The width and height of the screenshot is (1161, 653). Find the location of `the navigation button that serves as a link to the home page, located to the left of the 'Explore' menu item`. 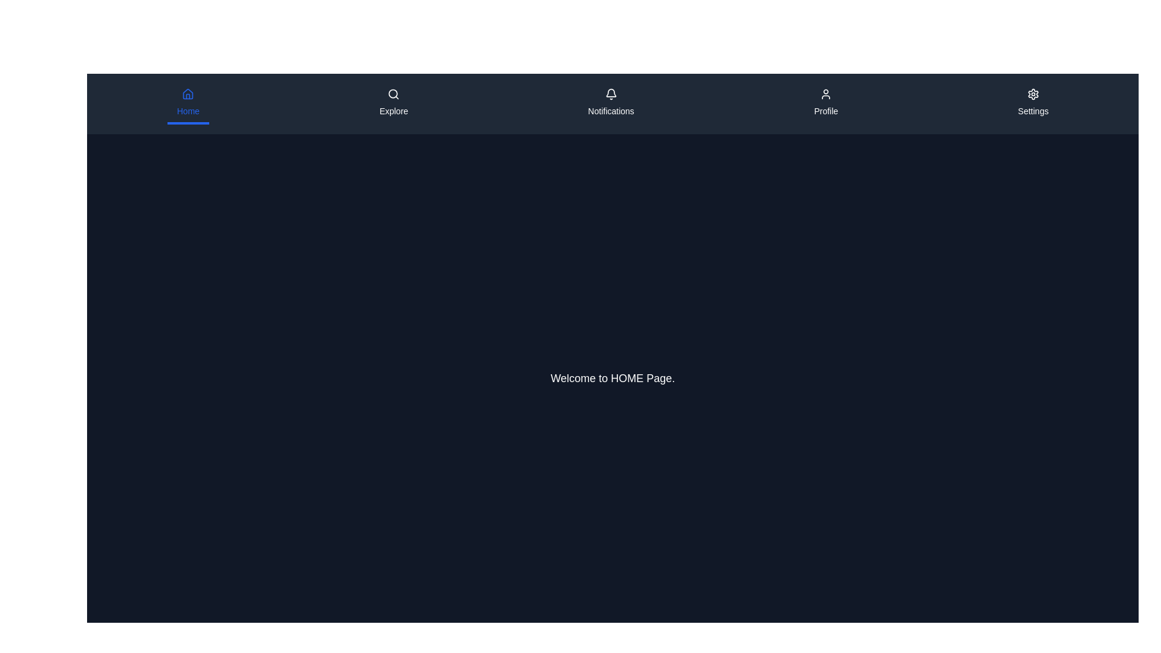

the navigation button that serves as a link to the home page, located to the left of the 'Explore' menu item is located at coordinates (187, 103).